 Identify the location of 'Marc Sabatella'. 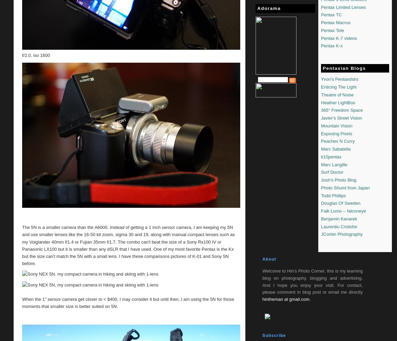
(336, 149).